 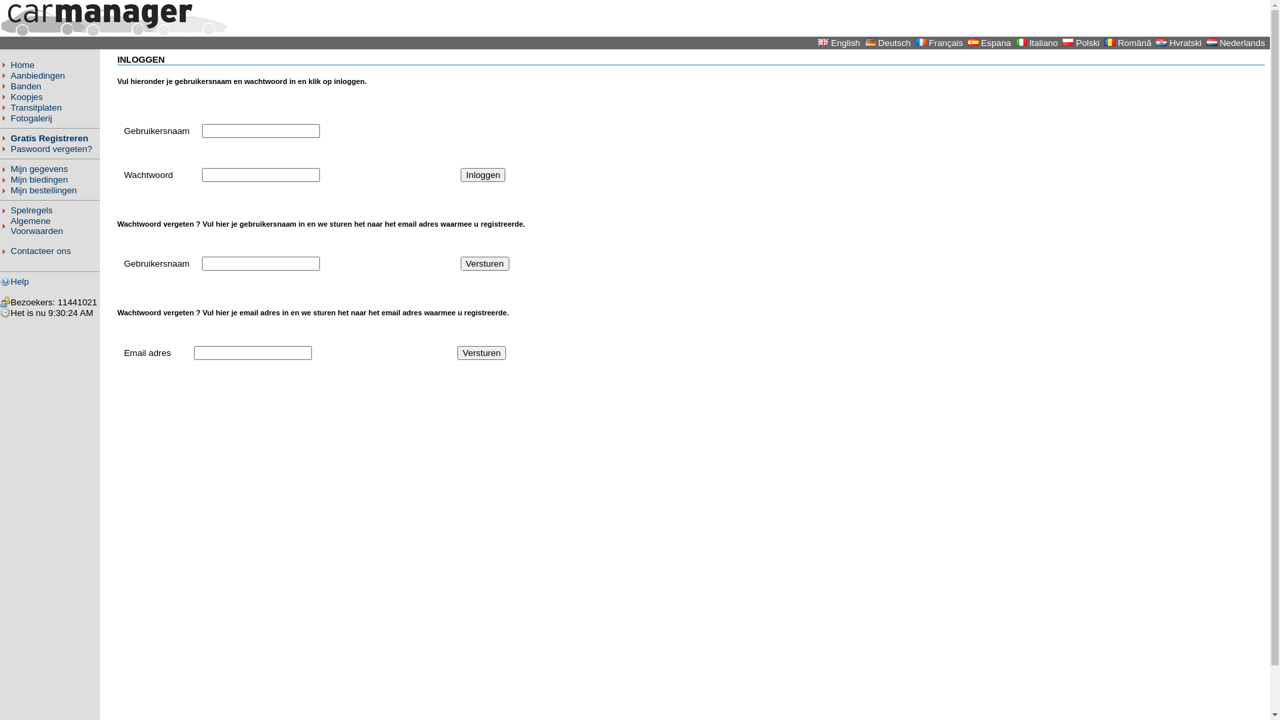 I want to click on 'Polski', so click(x=1075, y=42).